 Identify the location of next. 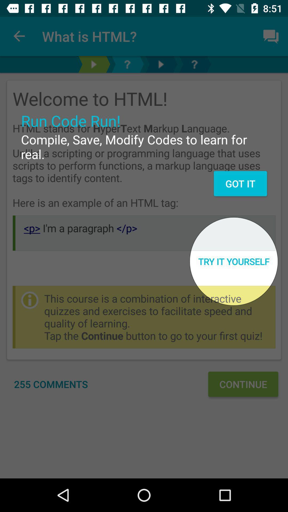
(160, 64).